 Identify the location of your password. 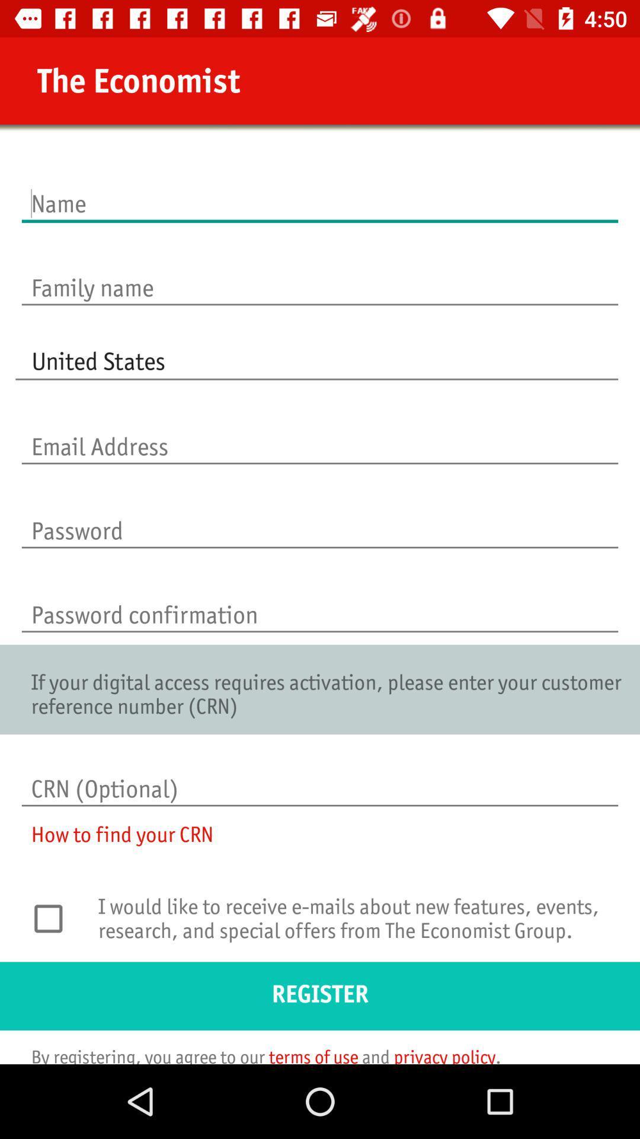
(320, 518).